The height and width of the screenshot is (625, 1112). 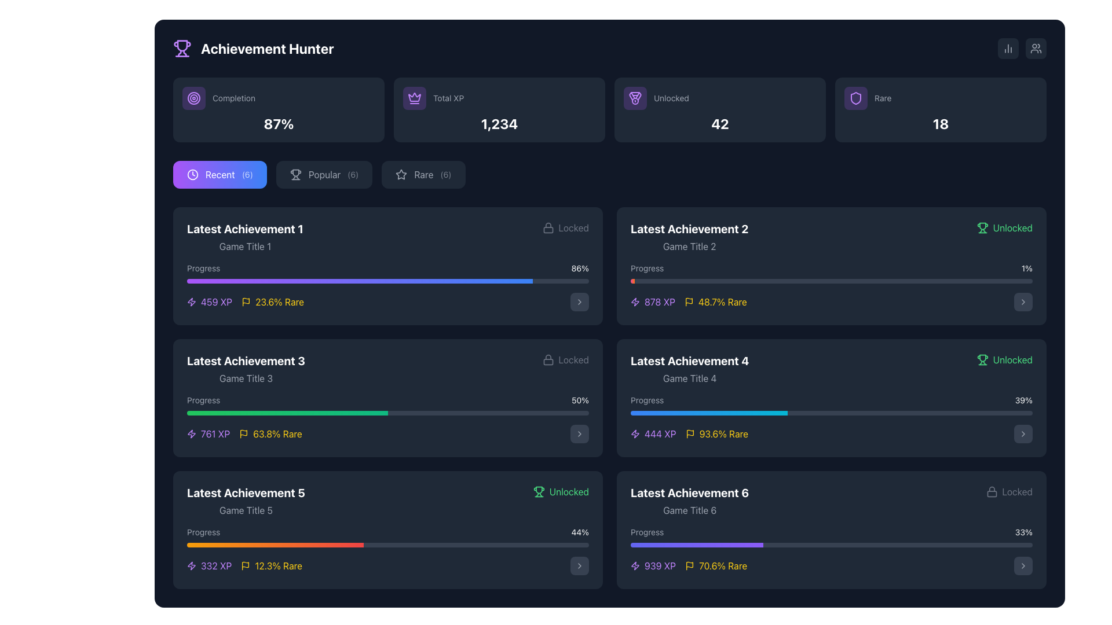 I want to click on the content of the Text Header with Status Indicator located in the second column of the second row of the visible grid, which serves as a title section for an achievement entry, so click(x=388, y=369).